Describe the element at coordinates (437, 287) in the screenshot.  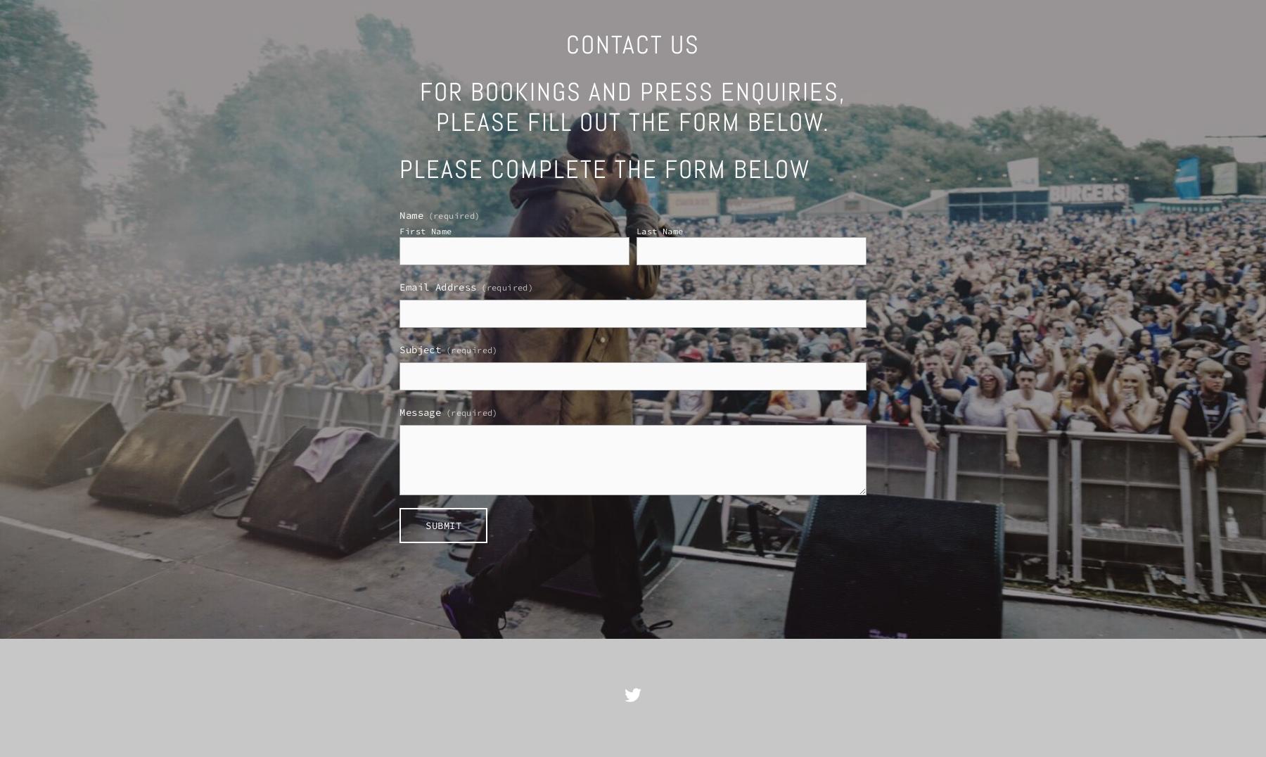
I see `'Email Address'` at that location.